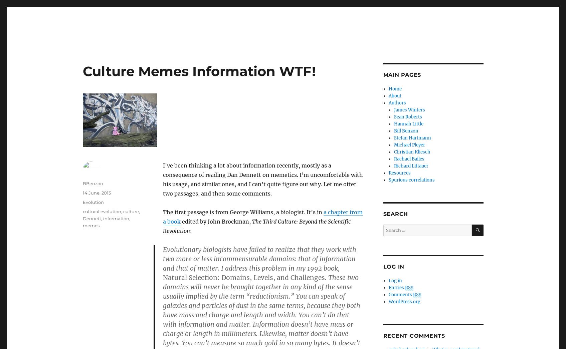  I want to click on 'Bill Benzon', so click(406, 131).